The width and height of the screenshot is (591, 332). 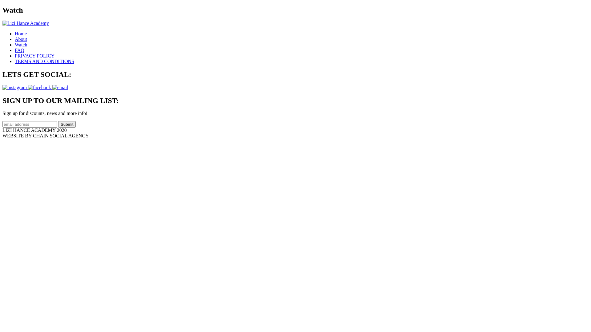 I want to click on 'PRIVACY POLICY', so click(x=15, y=56).